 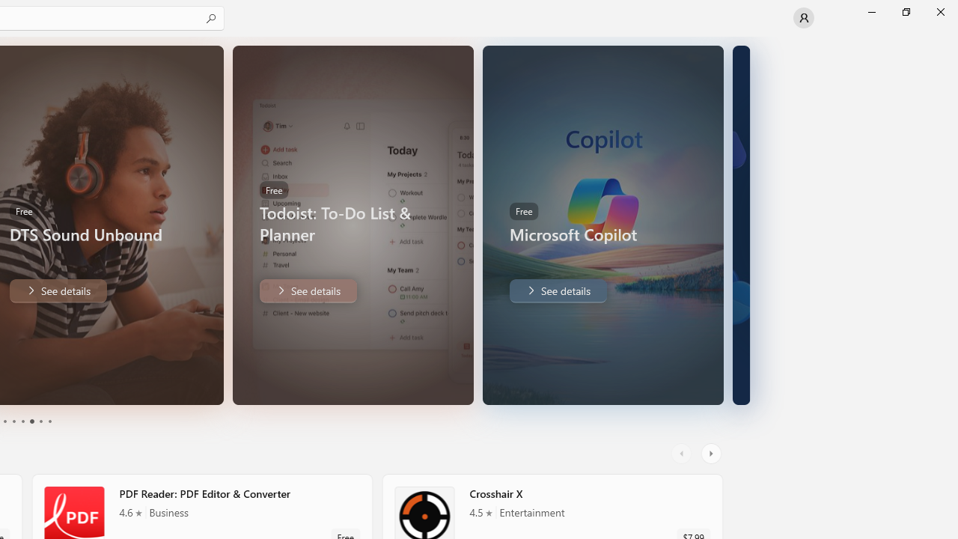 What do you see at coordinates (26, 421) in the screenshot?
I see `'Pager'` at bounding box center [26, 421].